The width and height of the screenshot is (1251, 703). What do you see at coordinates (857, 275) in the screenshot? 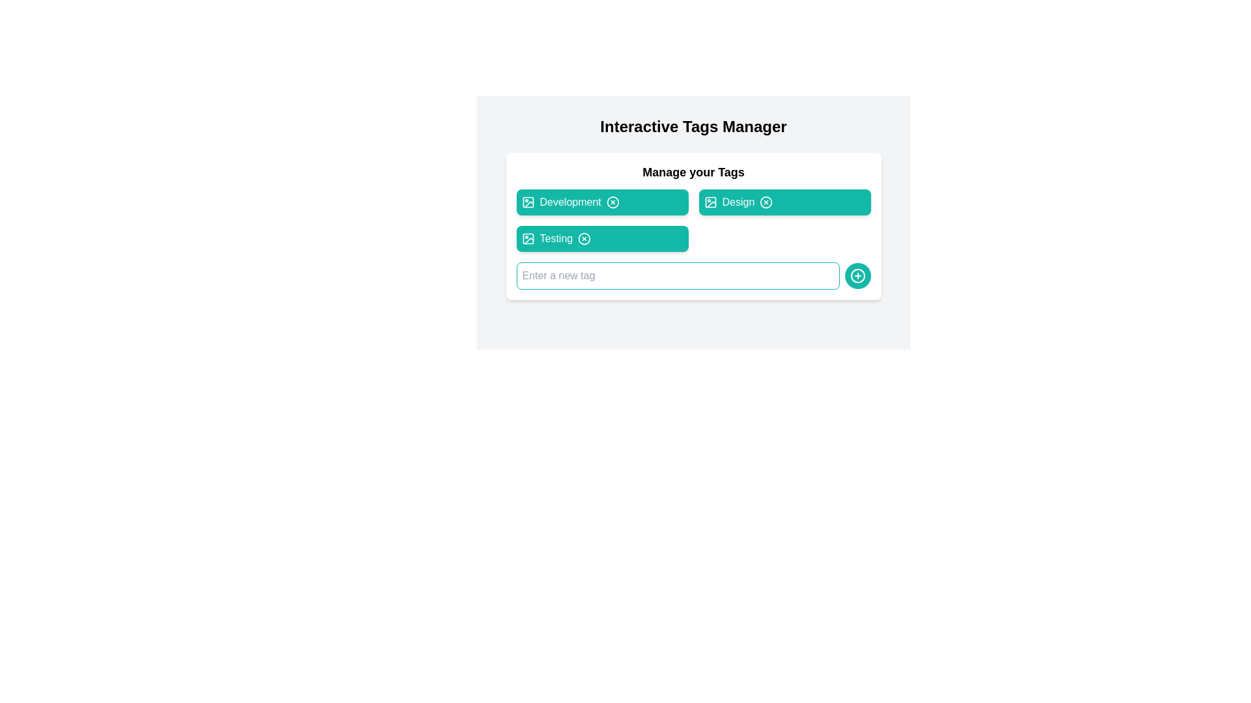
I see `the circular teal button with a white '+' symbol located at the bottom-right corner of the main tag management module` at bounding box center [857, 275].